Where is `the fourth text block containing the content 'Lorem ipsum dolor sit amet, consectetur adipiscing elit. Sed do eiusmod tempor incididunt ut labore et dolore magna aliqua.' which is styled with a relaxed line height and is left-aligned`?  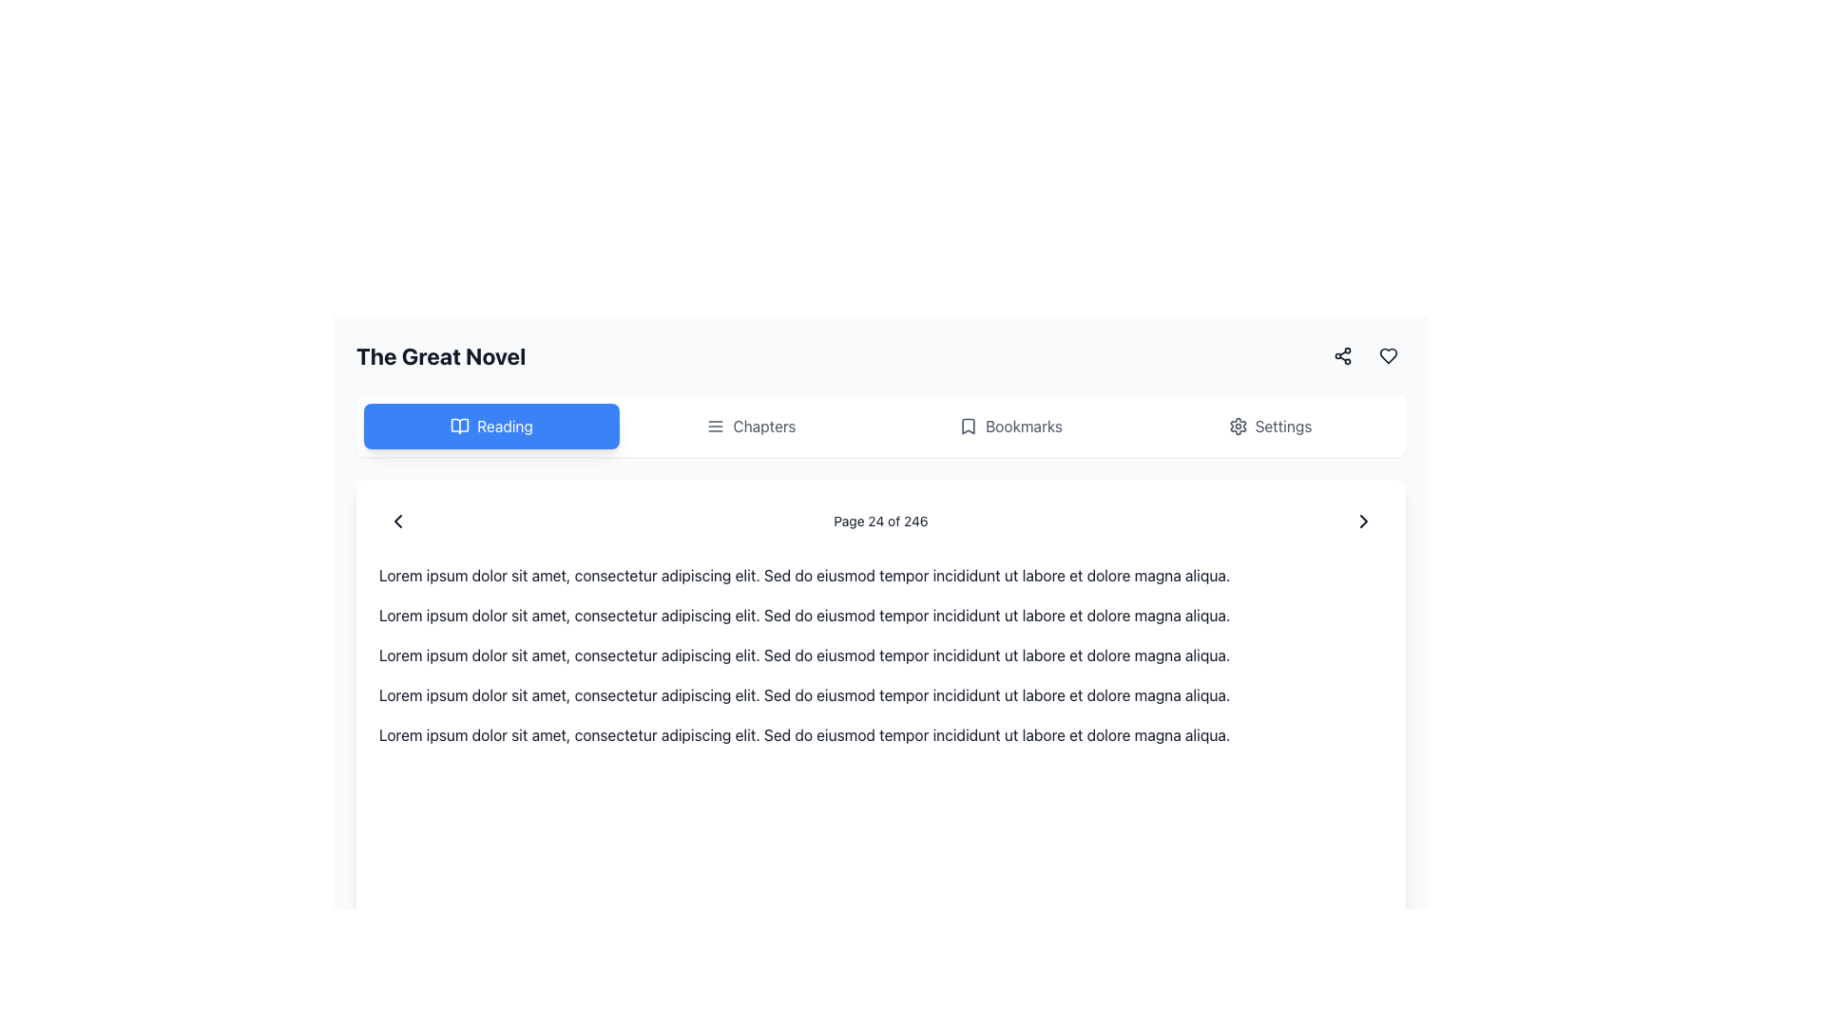 the fourth text block containing the content 'Lorem ipsum dolor sit amet, consectetur adipiscing elit. Sed do eiusmod tempor incididunt ut labore et dolore magna aliqua.' which is styled with a relaxed line height and is left-aligned is located at coordinates (879, 695).